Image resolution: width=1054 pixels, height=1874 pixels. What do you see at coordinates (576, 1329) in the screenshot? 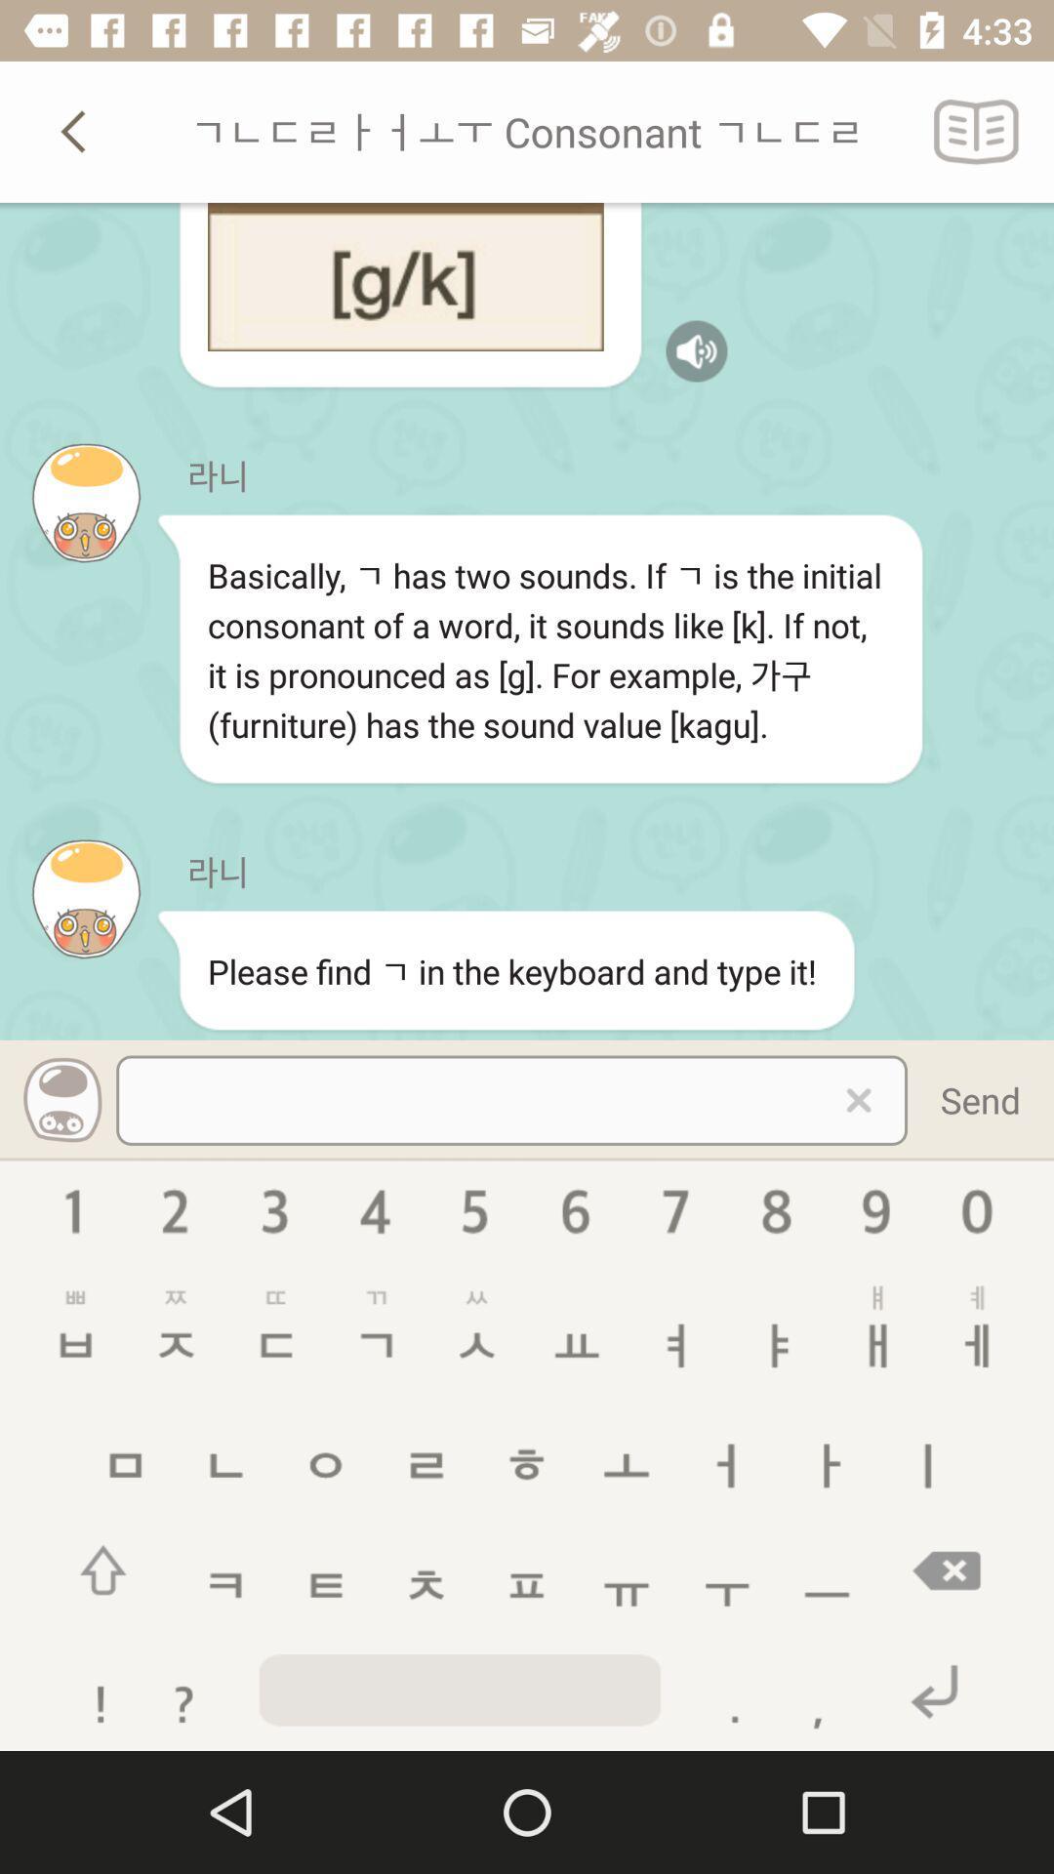
I see `the font icon` at bounding box center [576, 1329].